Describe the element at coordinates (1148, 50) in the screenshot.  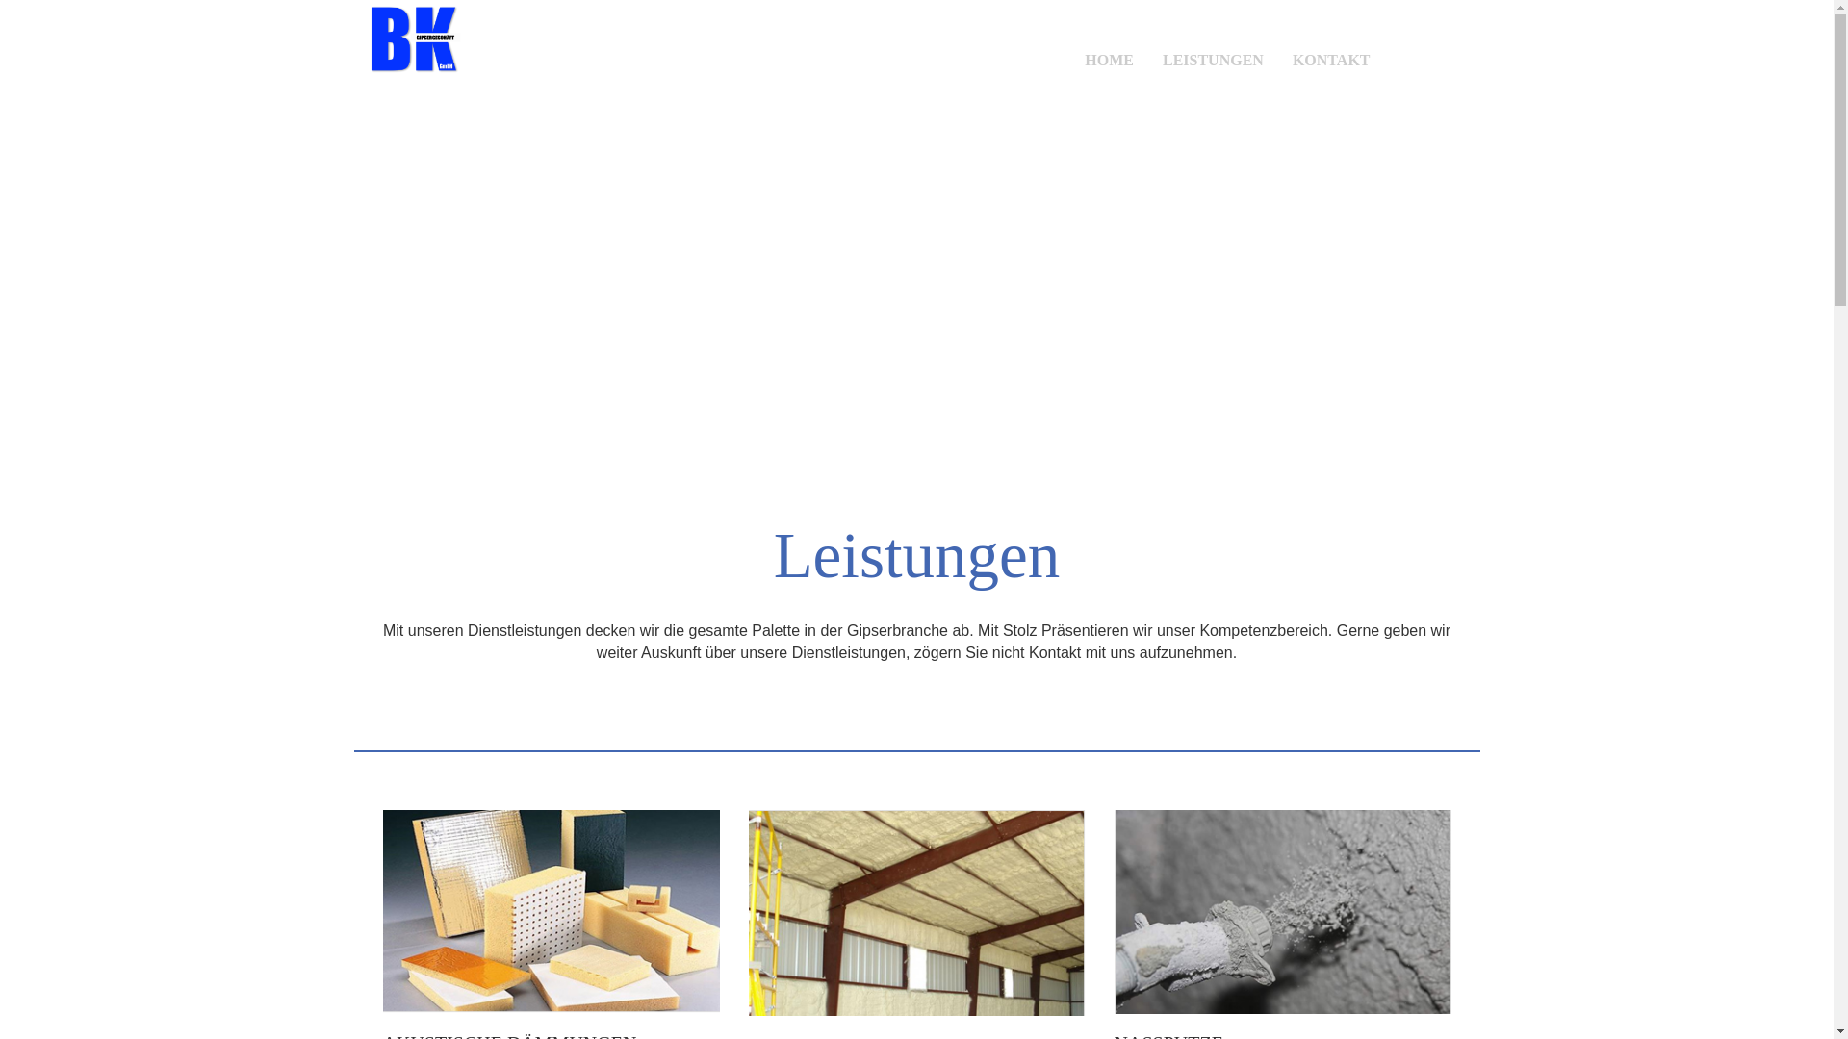
I see `'LEISTUNGEN'` at that location.